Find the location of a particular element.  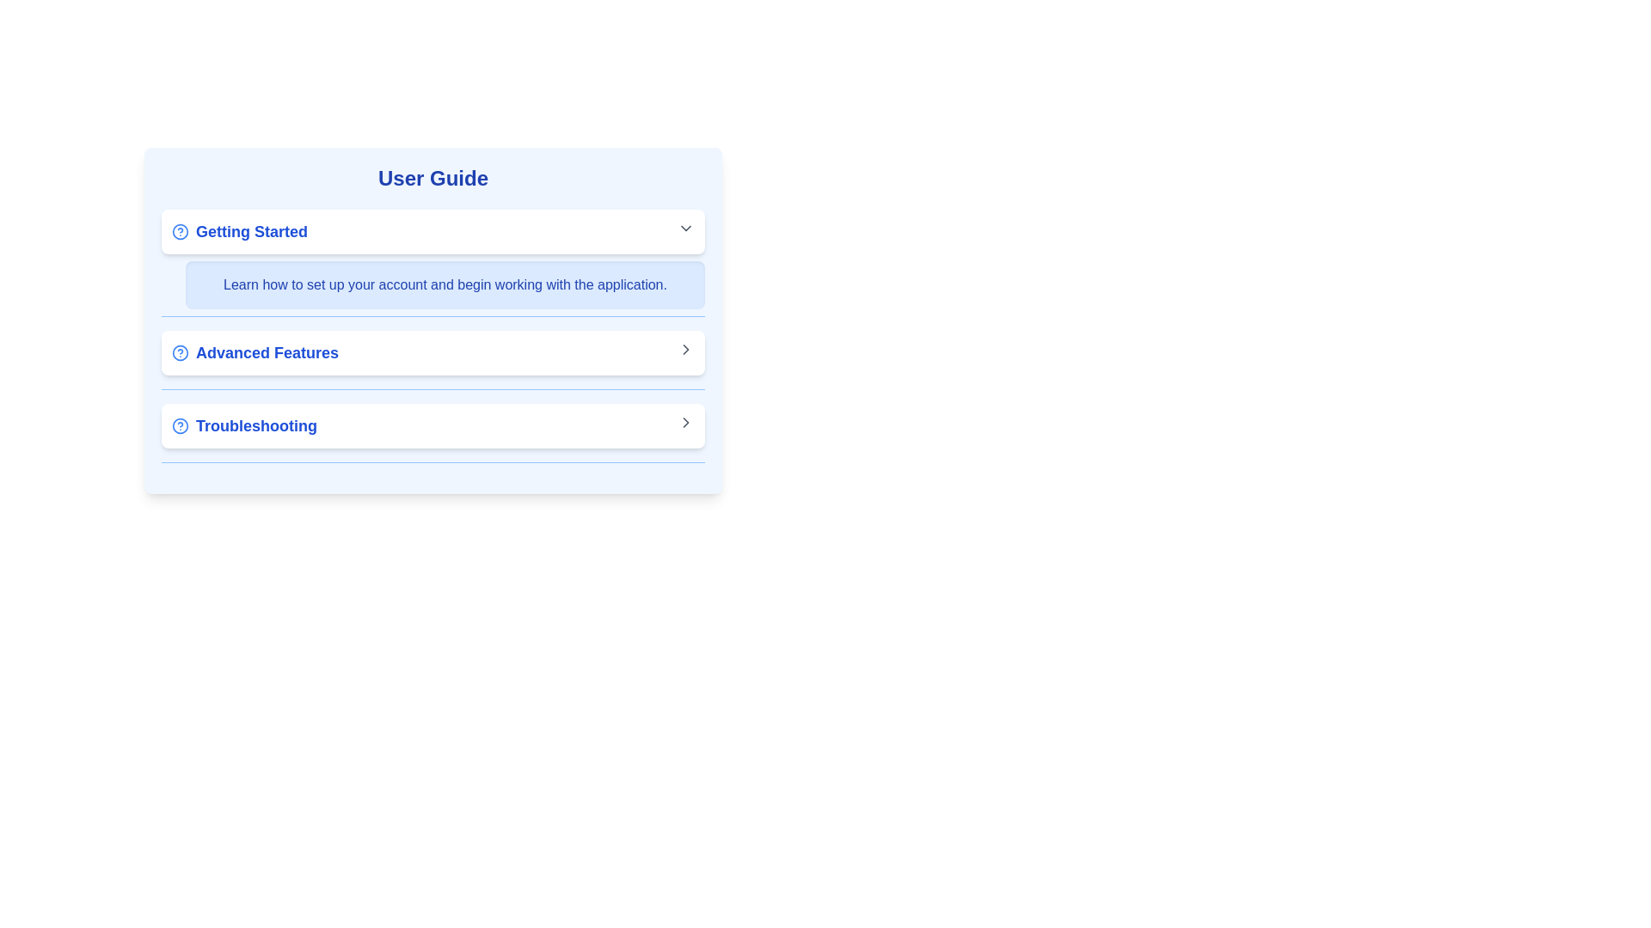

the chevron icon located on the far right side of the 'Advanced Features' section is located at coordinates (684, 349).